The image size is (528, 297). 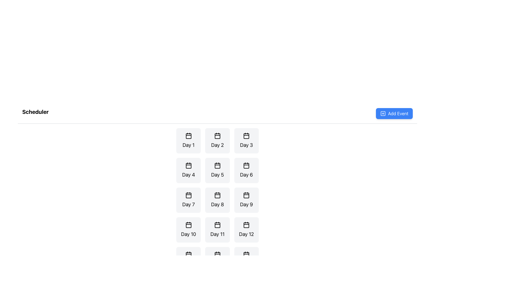 What do you see at coordinates (188, 254) in the screenshot?
I see `the calendar icon representing 'Day 13' in the scheduling application, located at the top of the card` at bounding box center [188, 254].